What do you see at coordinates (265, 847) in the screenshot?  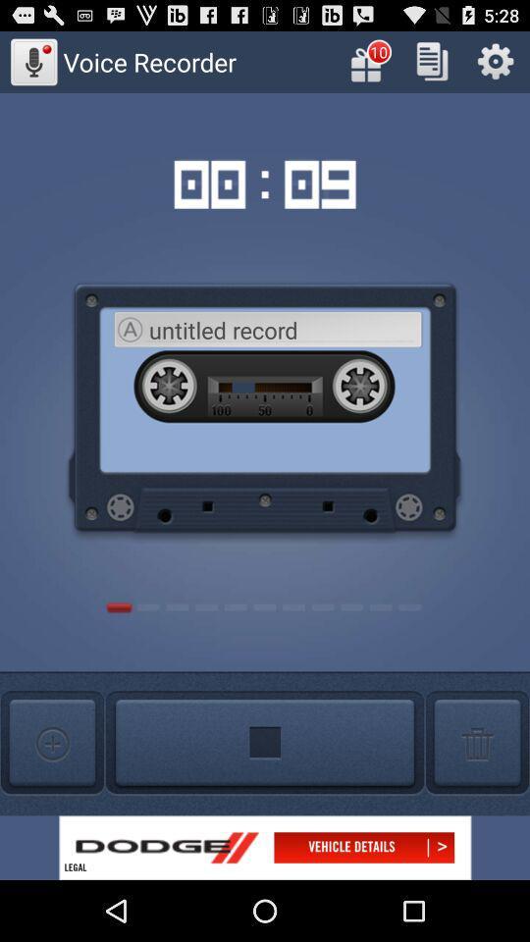 I see `to see more add` at bounding box center [265, 847].